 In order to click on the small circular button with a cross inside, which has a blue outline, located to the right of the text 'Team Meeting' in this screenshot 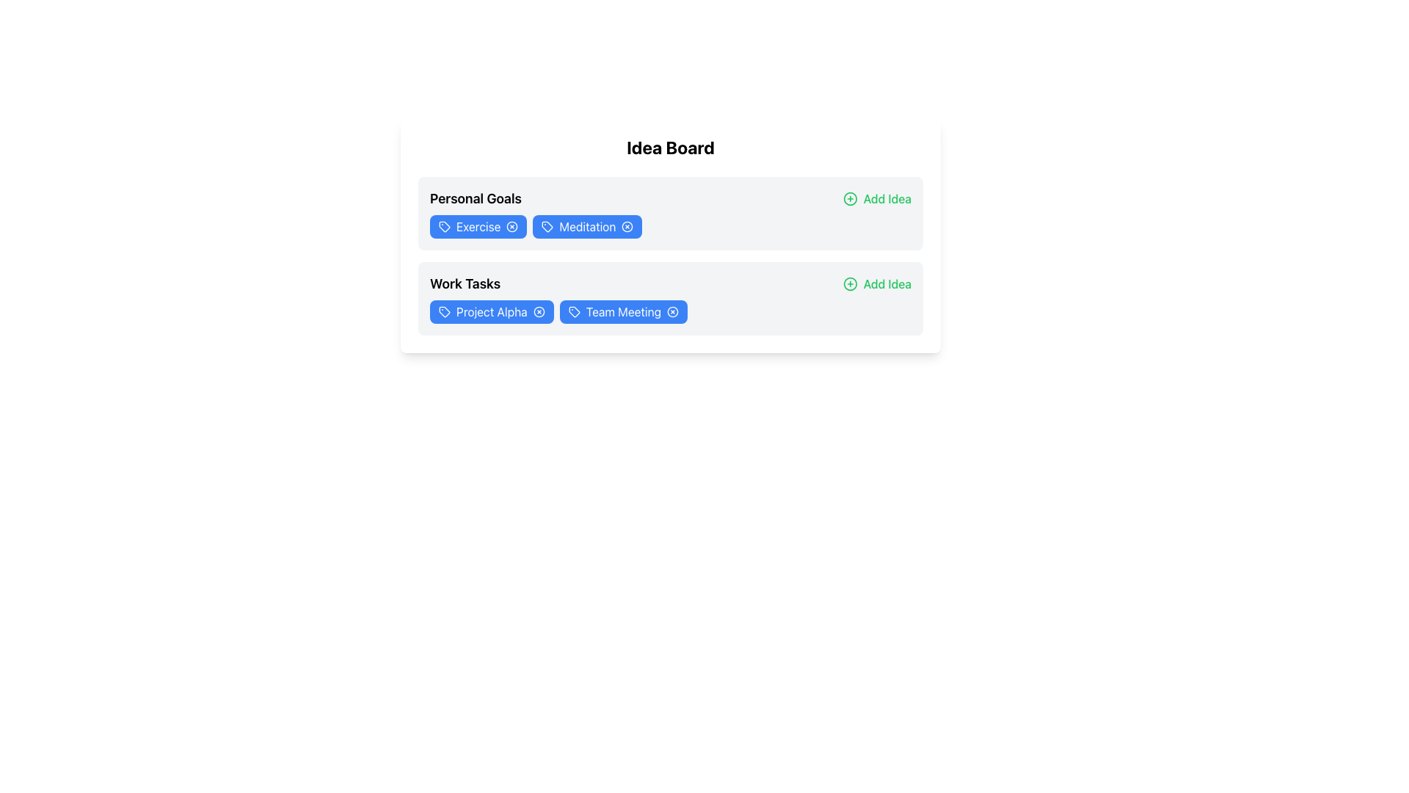, I will do `click(672, 311)`.